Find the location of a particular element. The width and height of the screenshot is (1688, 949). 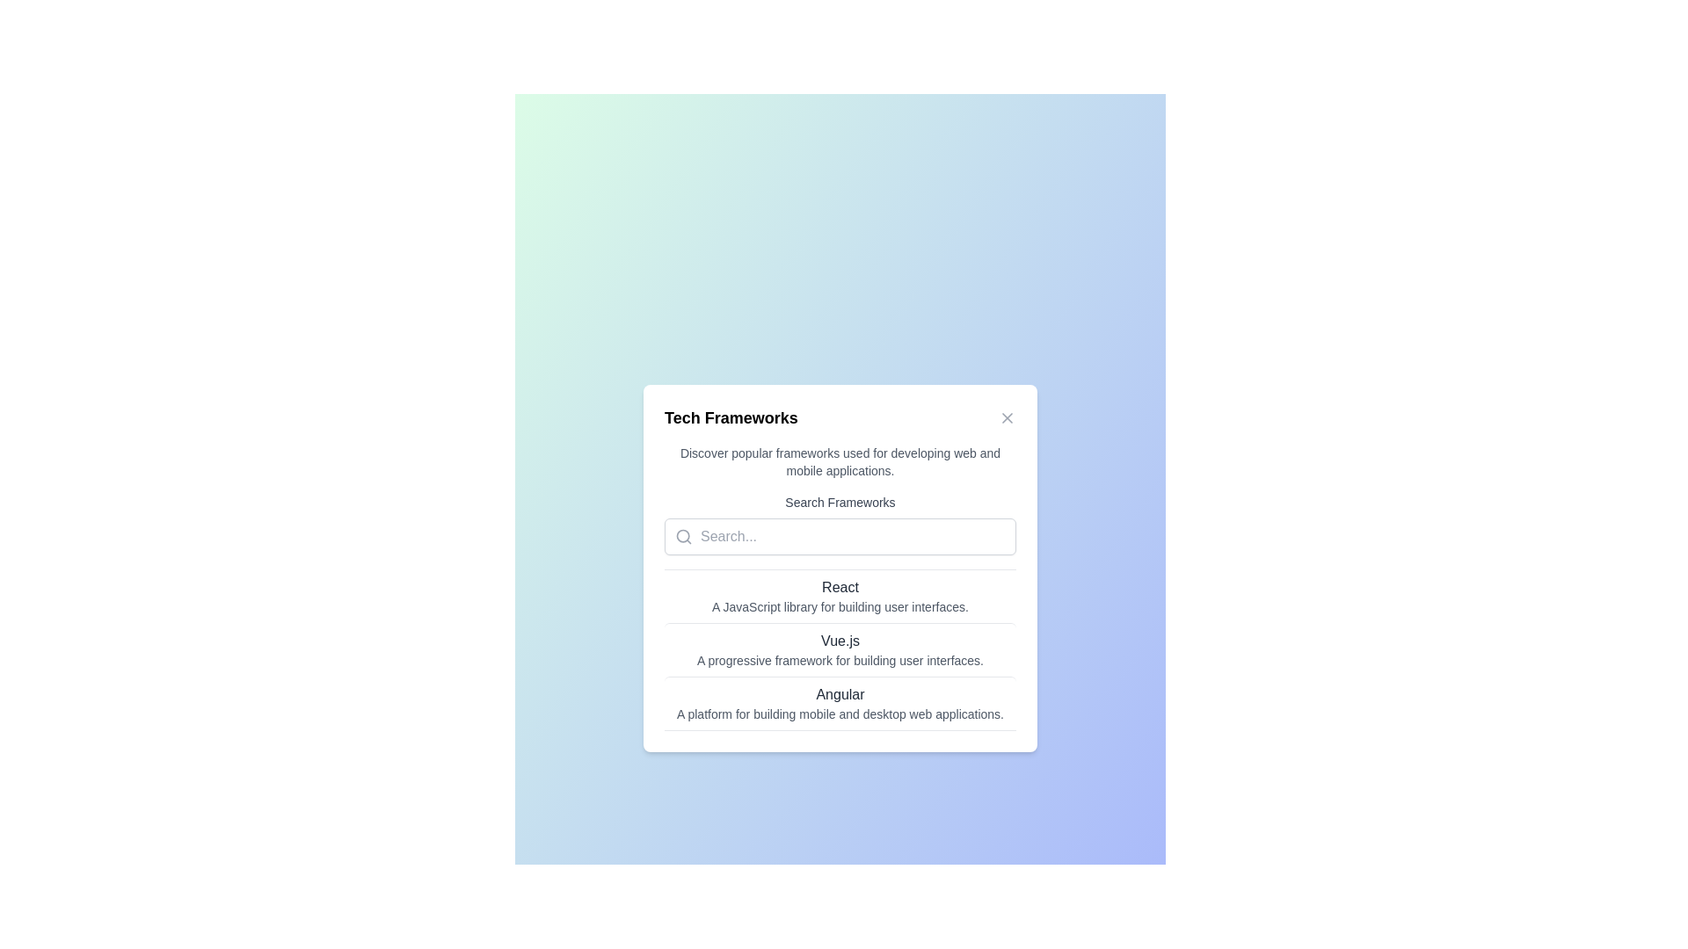

the text label that provides a brief description for the 'Vue.js' framework, located below the title 'Vue.js' and above the description for 'Angular' is located at coordinates (839, 661).